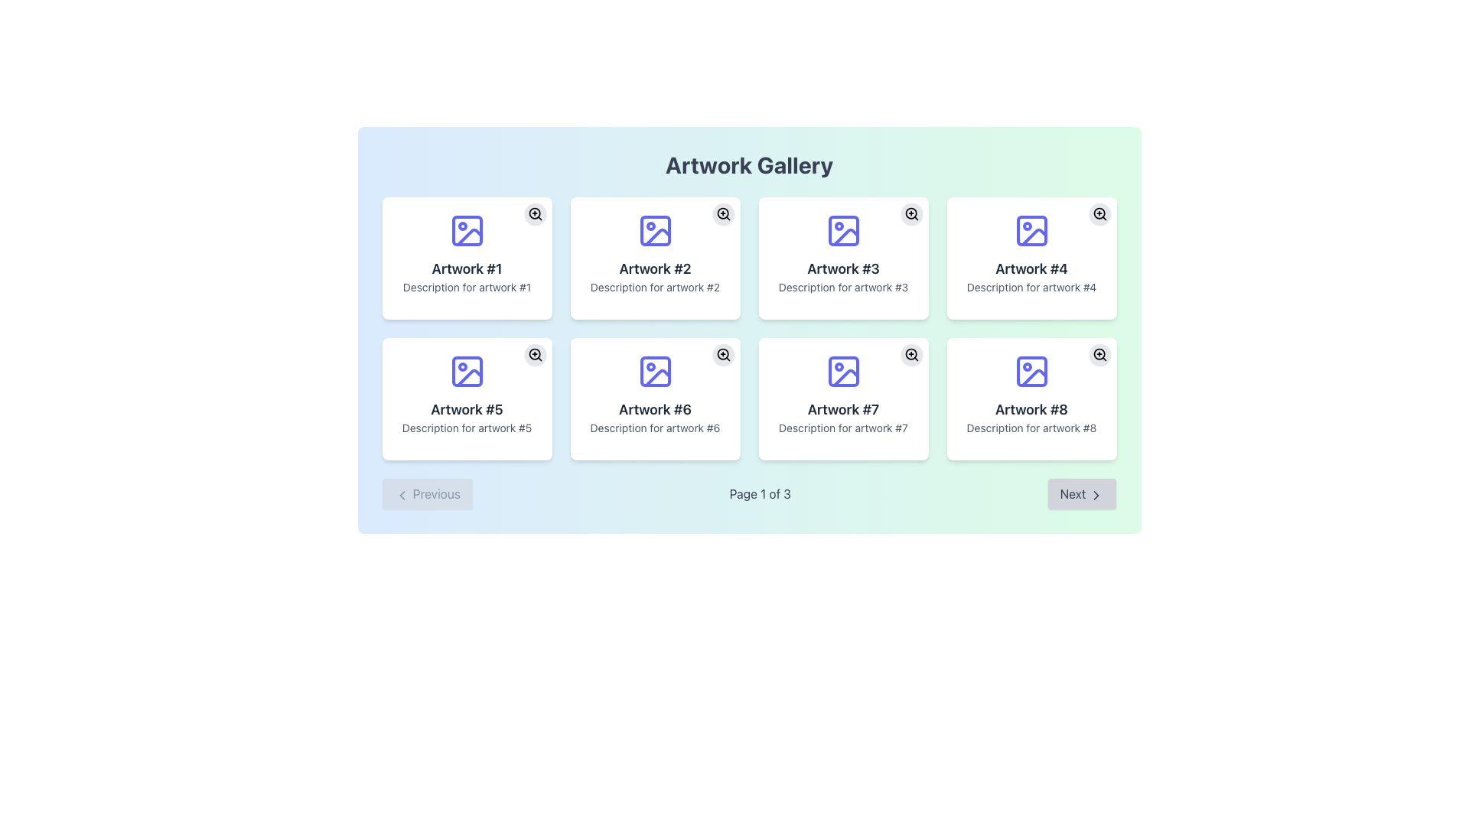 This screenshot has height=826, width=1469. What do you see at coordinates (910, 354) in the screenshot?
I see `the SVG Circle in the lens area of the magnifying glass icon at the upper-right corner of the 'Artwork #7' card to zoom in` at bounding box center [910, 354].